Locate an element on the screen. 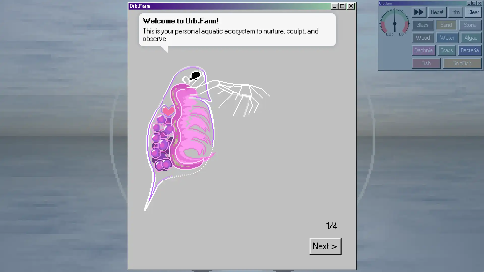 Image resolution: width=484 pixels, height=272 pixels. Daphnia is located at coordinates (226, 27).